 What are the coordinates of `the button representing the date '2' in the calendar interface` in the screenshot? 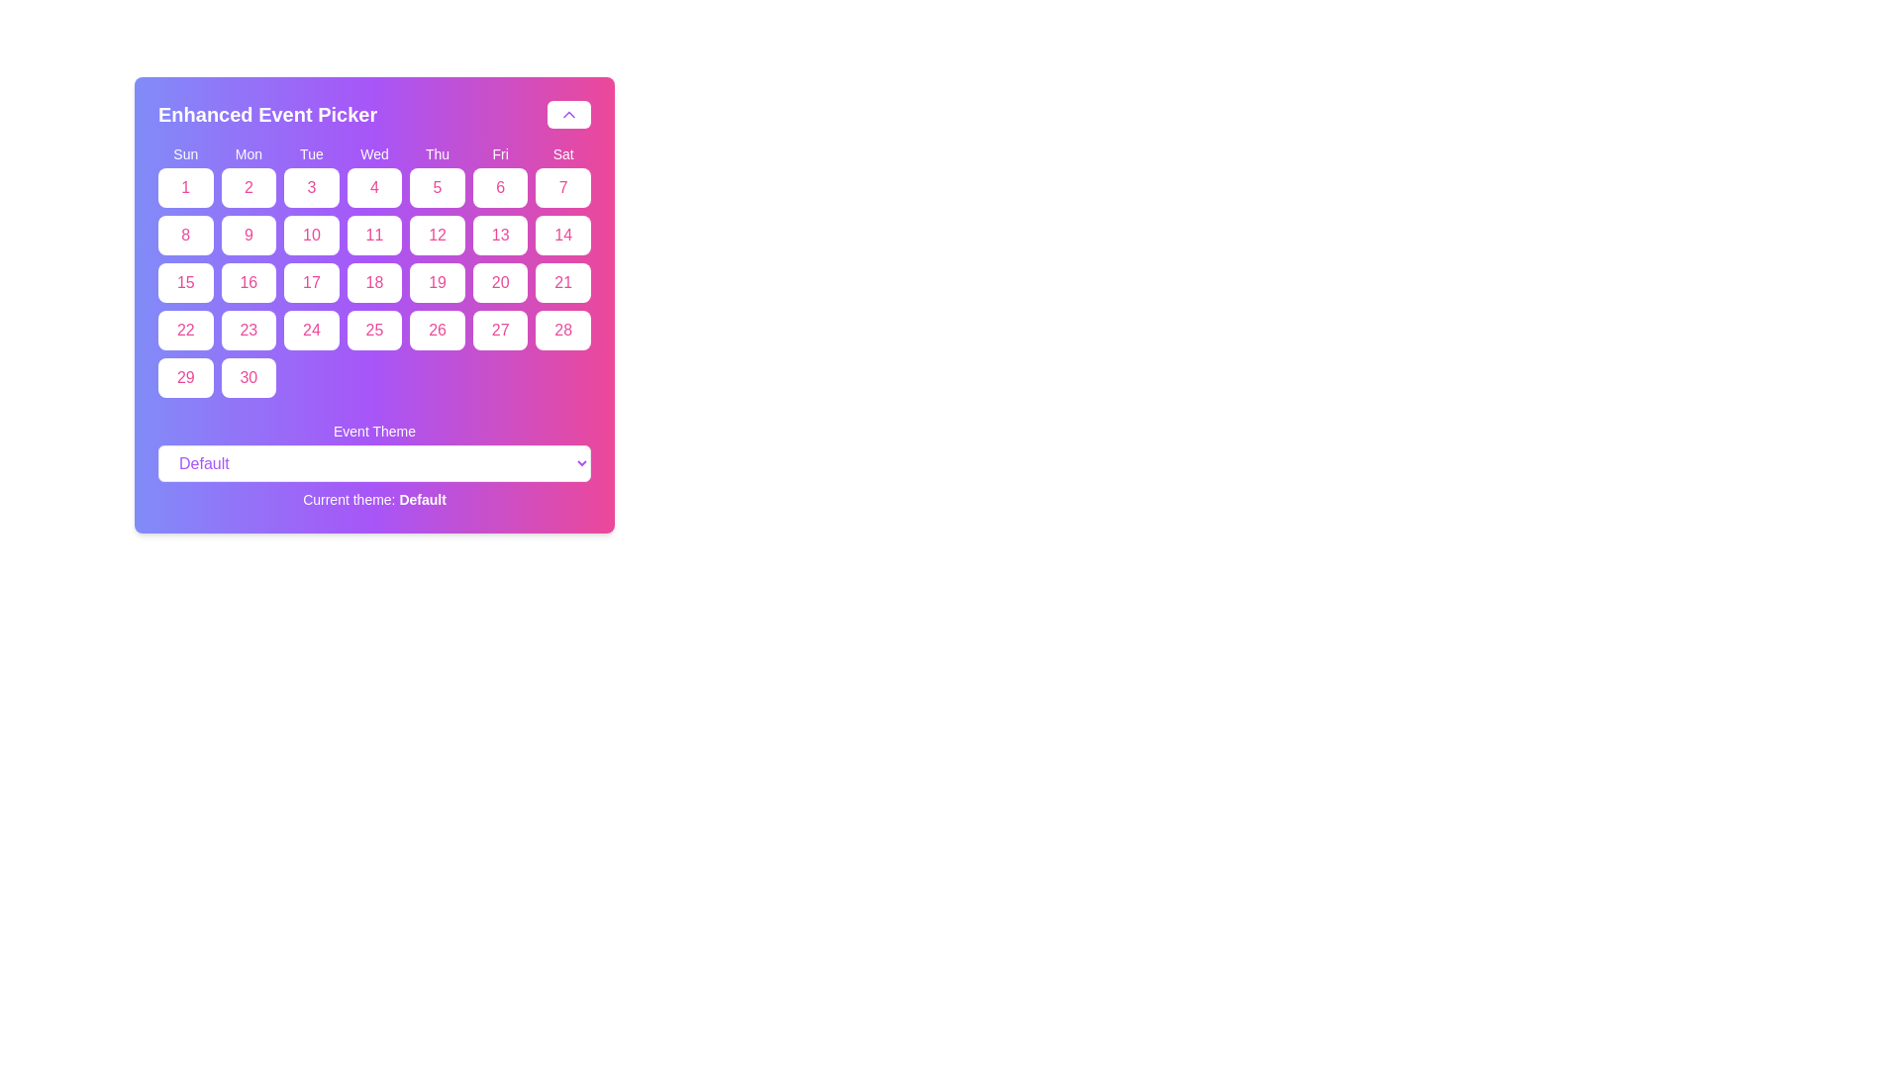 It's located at (248, 187).